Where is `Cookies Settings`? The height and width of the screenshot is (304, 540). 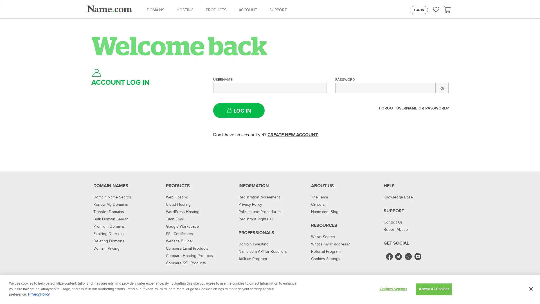
Cookies Settings is located at coordinates (393, 289).